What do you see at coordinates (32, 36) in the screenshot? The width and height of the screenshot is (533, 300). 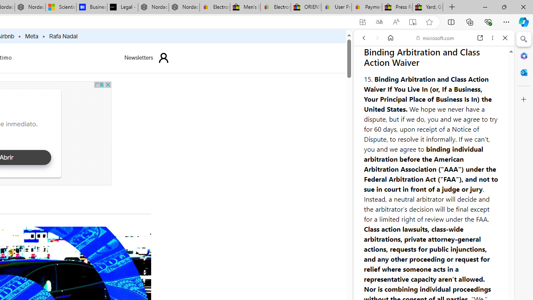 I see `'Meta'` at bounding box center [32, 36].